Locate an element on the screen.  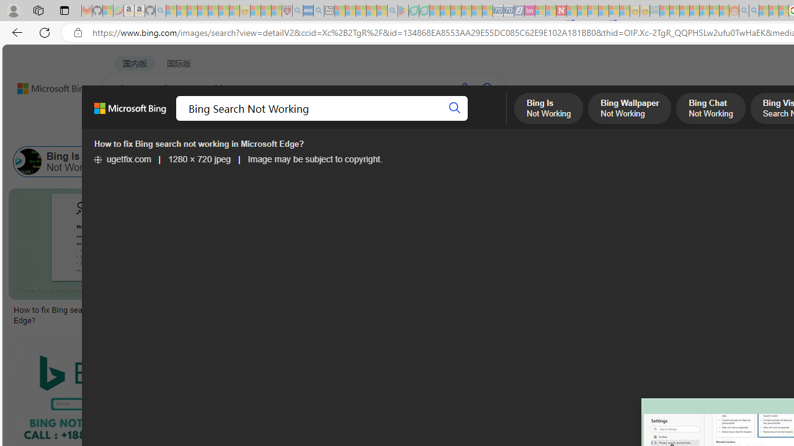
'DICT' is located at coordinates (445, 121).